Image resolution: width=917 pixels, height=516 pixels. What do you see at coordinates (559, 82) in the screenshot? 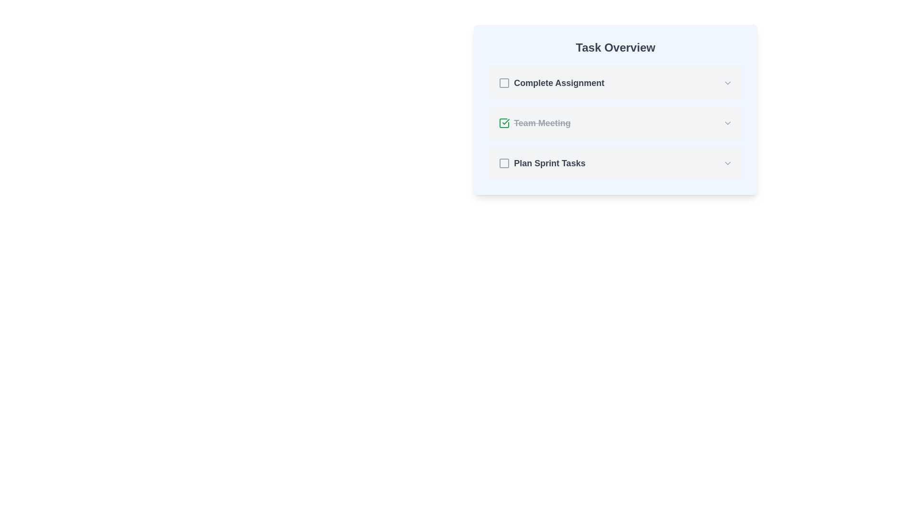
I see `the text label that identifies the task titled 'Complete Assignment', which is positioned to the right of a checkbox icon in the 'Task Overview' section` at bounding box center [559, 82].